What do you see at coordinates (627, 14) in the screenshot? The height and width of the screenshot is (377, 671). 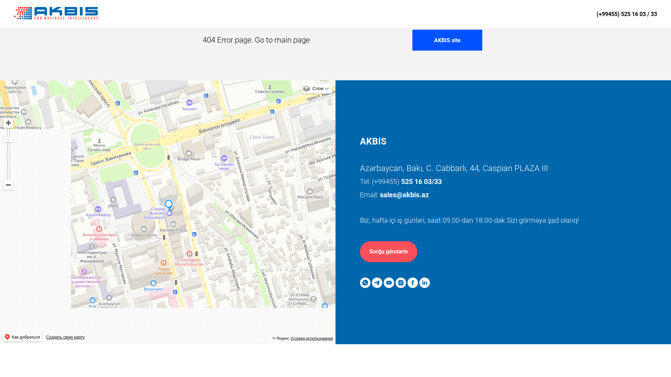 I see `'(+99455) 525 16 03 / 33'` at bounding box center [627, 14].